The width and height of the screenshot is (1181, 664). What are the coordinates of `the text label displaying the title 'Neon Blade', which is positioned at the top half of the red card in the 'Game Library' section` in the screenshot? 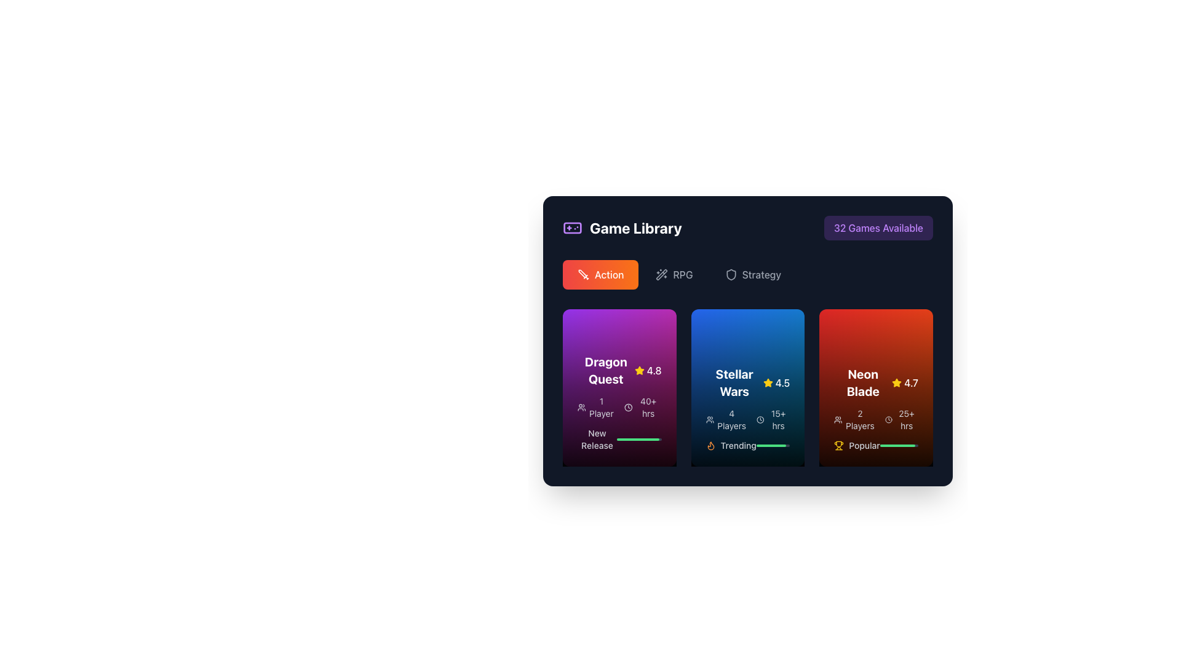 It's located at (862, 382).